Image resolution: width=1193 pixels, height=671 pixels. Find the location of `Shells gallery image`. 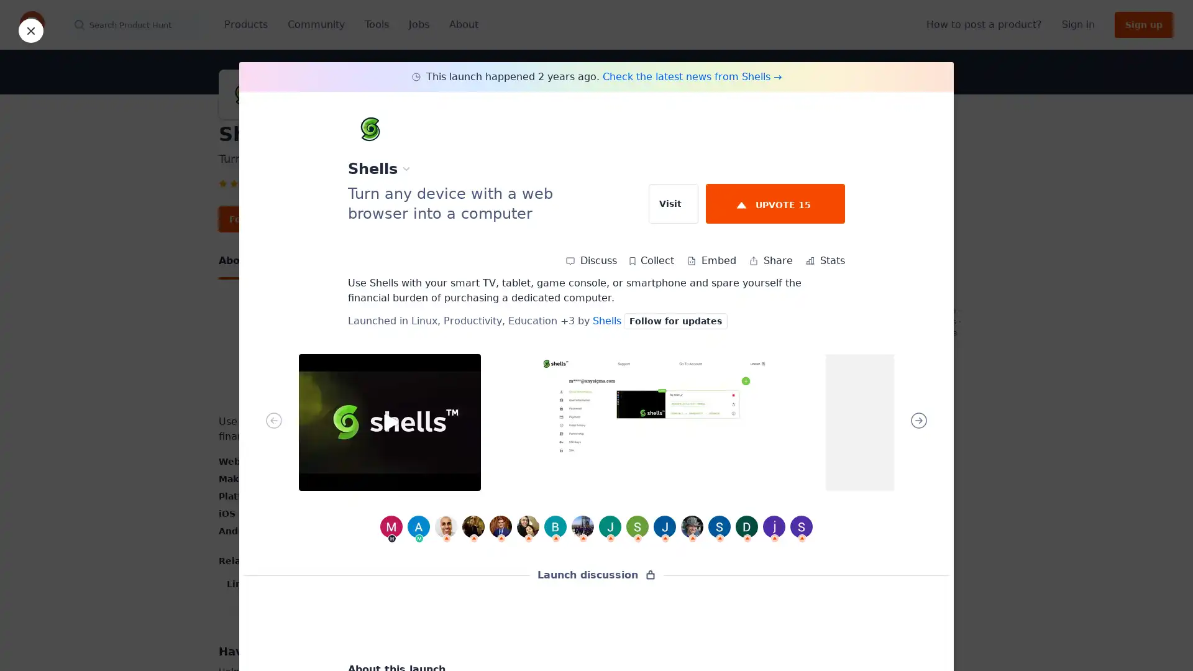

Shells gallery image is located at coordinates (389, 421).